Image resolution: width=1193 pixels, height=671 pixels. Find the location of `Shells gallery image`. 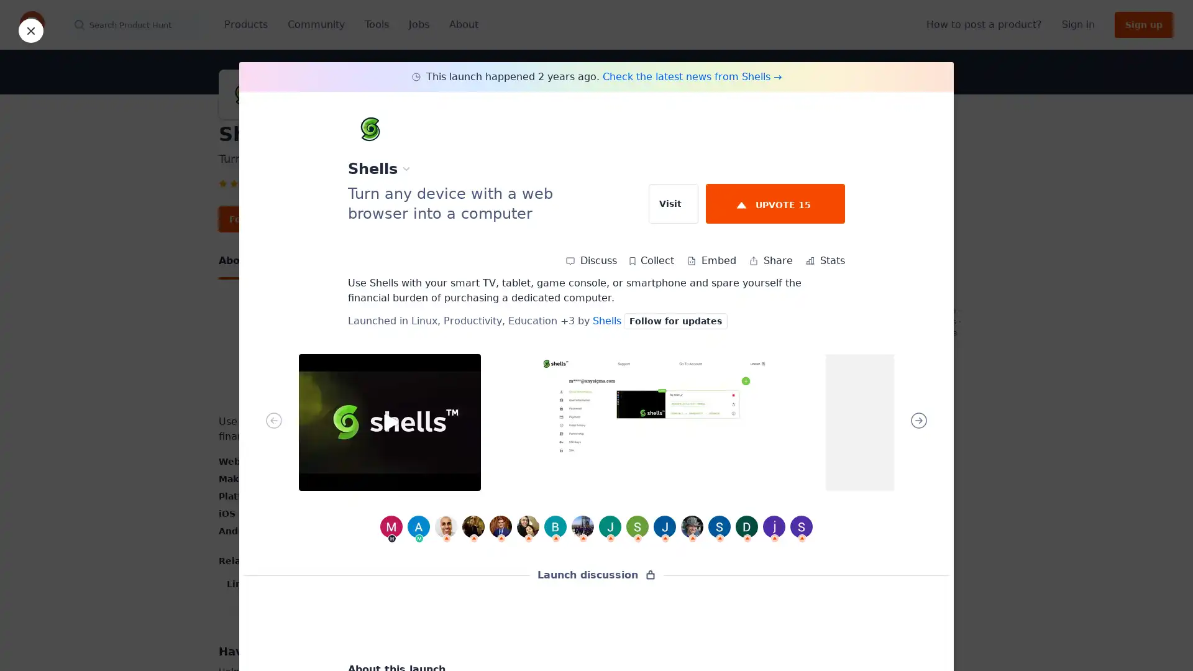

Shells gallery image is located at coordinates (389, 421).